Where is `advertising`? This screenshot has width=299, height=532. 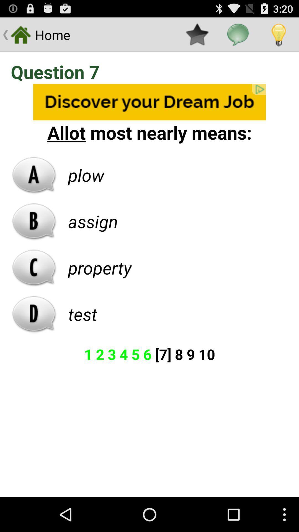
advertising is located at coordinates (149, 102).